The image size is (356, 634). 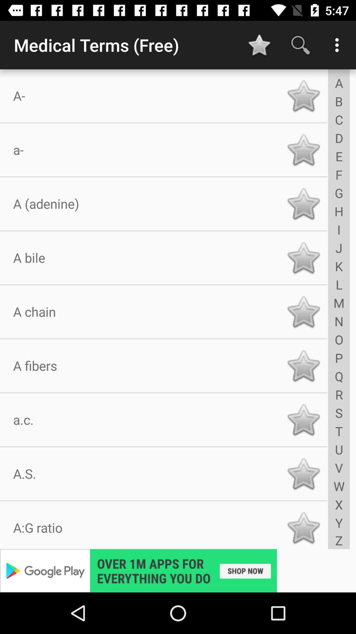 I want to click on star button, so click(x=303, y=203).